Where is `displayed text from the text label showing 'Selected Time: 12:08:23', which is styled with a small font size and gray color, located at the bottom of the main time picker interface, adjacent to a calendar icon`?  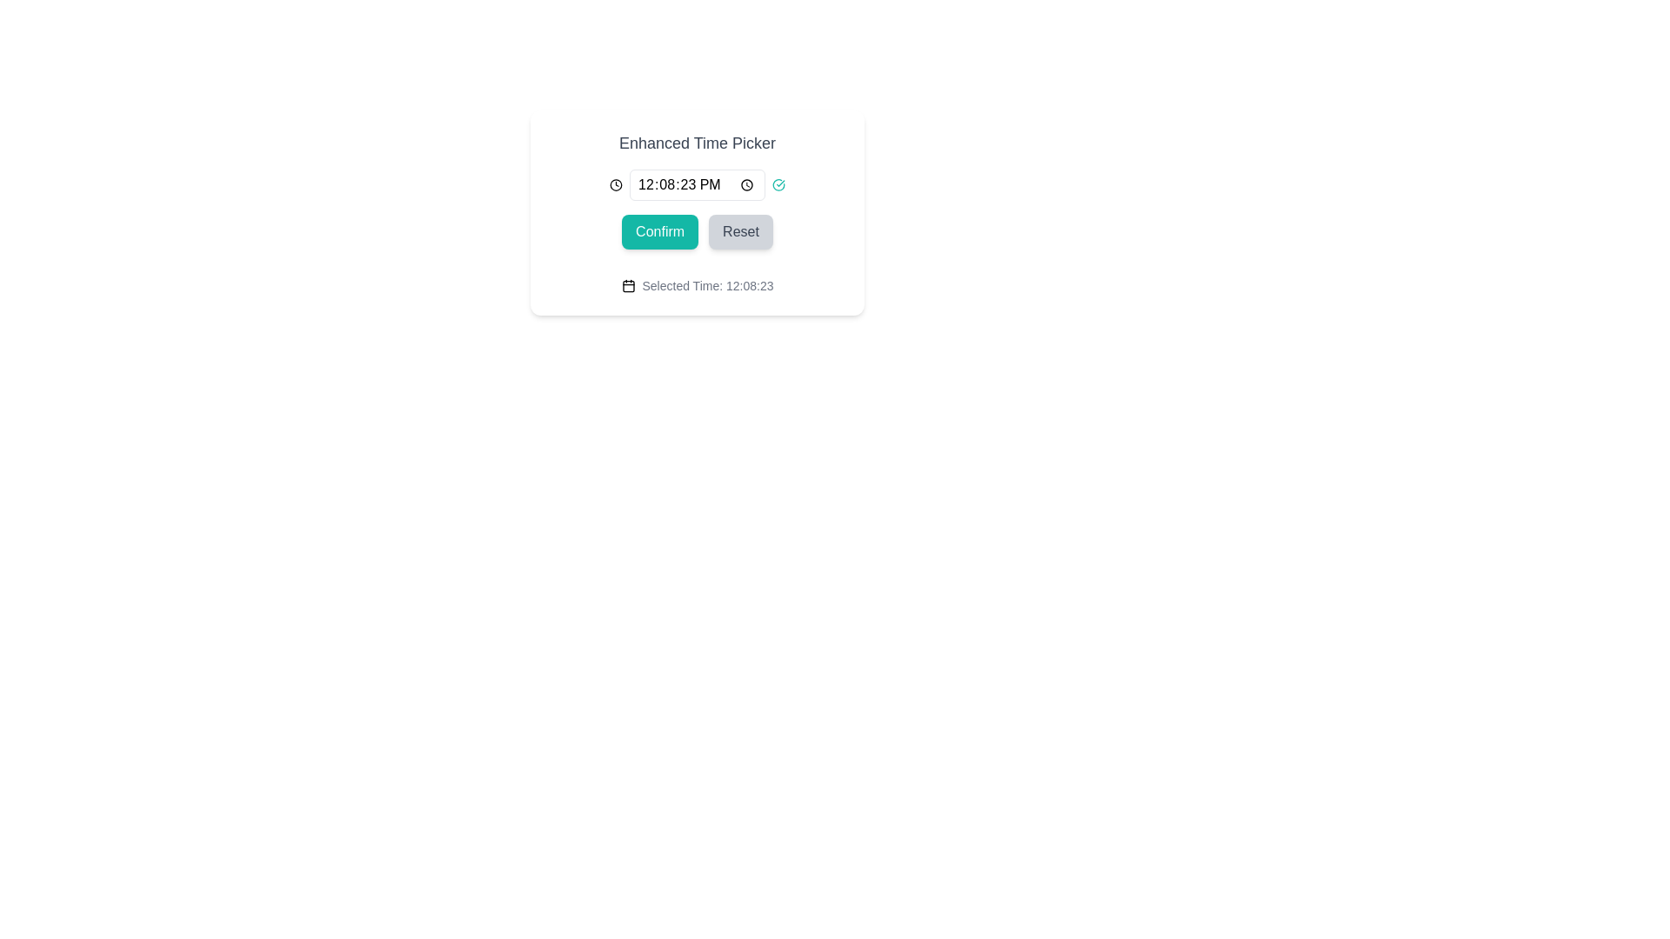 displayed text from the text label showing 'Selected Time: 12:08:23', which is styled with a small font size and gray color, located at the bottom of the main time picker interface, adjacent to a calendar icon is located at coordinates (708, 284).